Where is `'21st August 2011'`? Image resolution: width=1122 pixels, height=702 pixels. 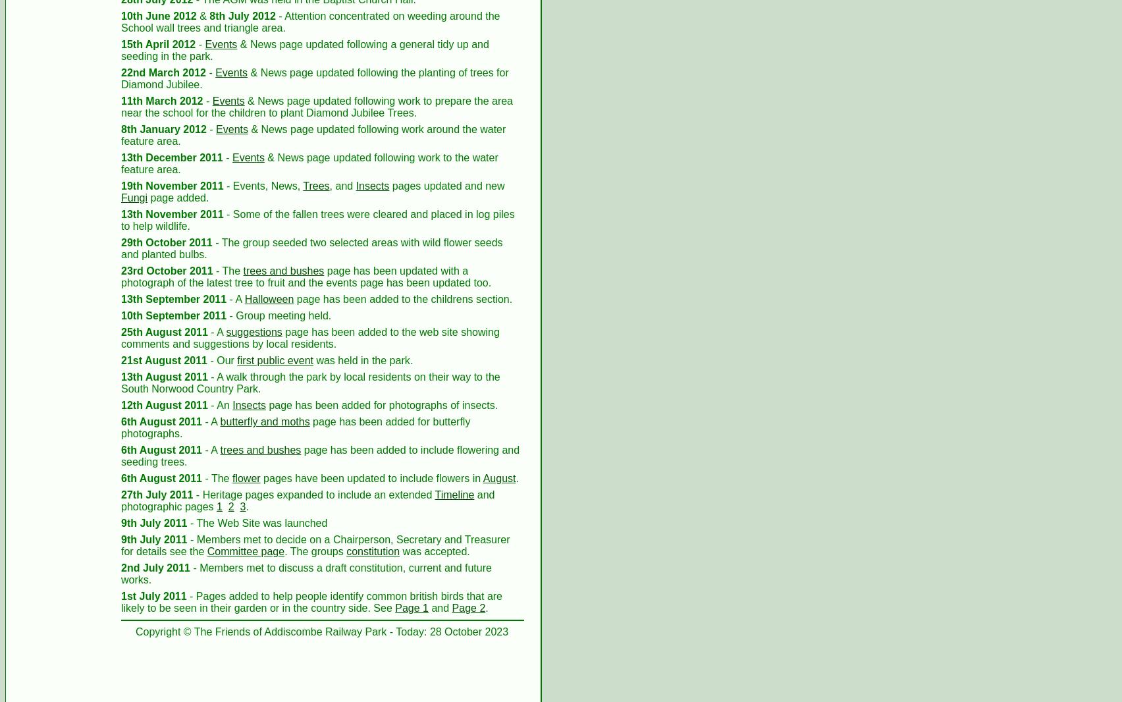 '21st August 2011' is located at coordinates (163, 360).